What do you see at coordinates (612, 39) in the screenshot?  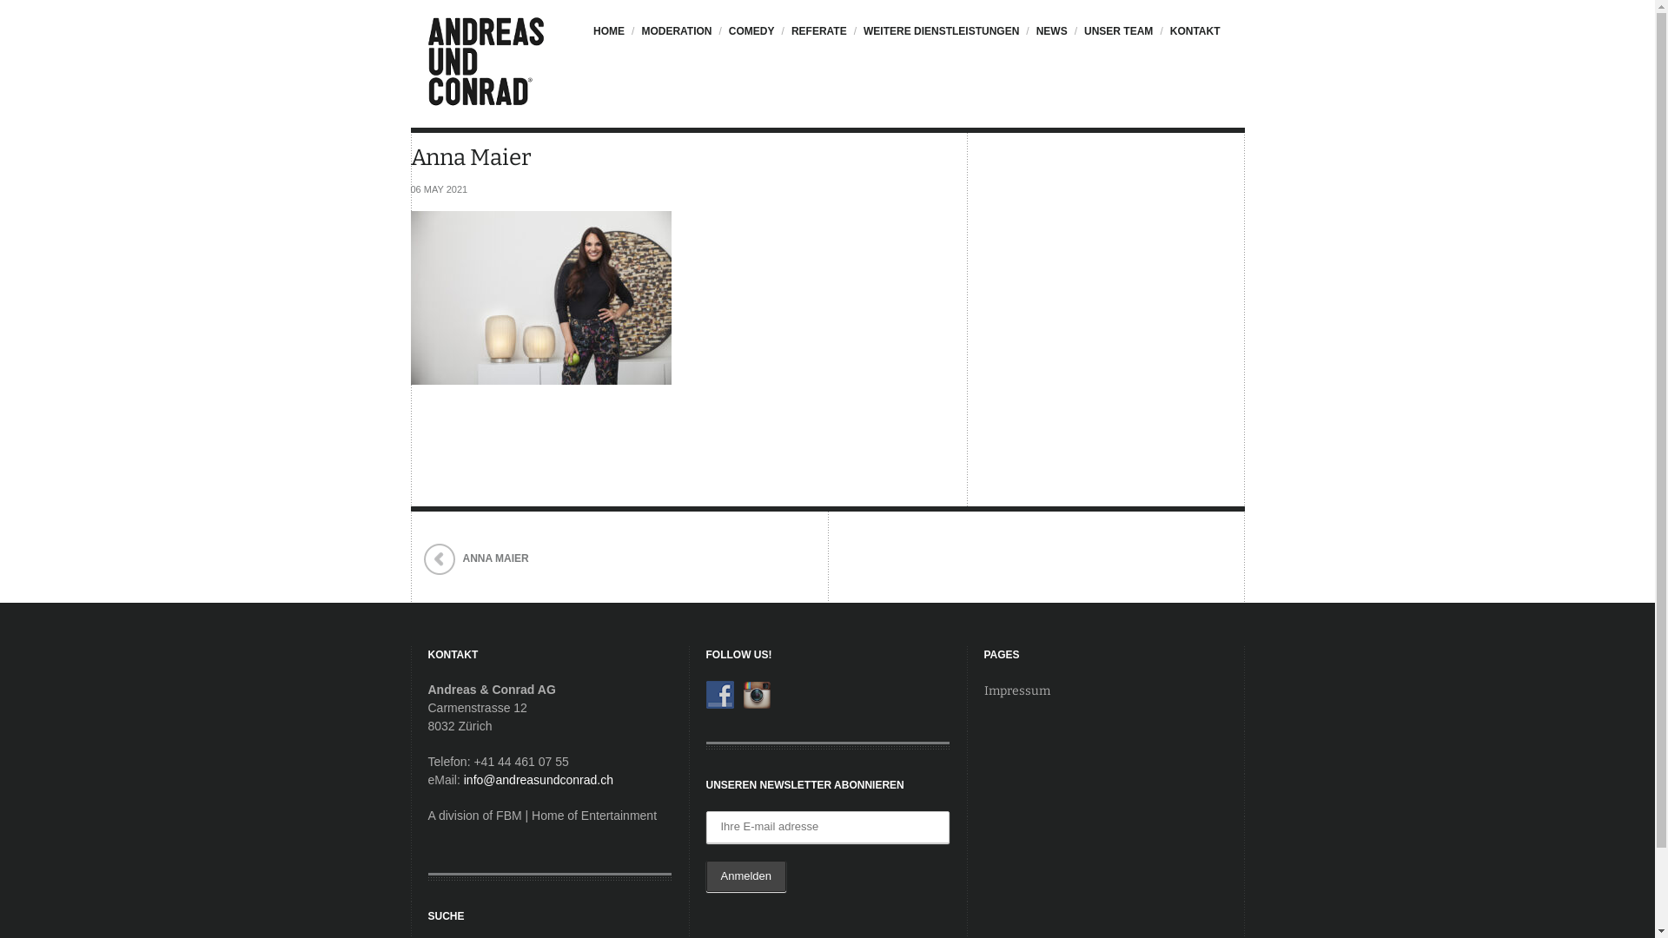 I see `'HOME'` at bounding box center [612, 39].